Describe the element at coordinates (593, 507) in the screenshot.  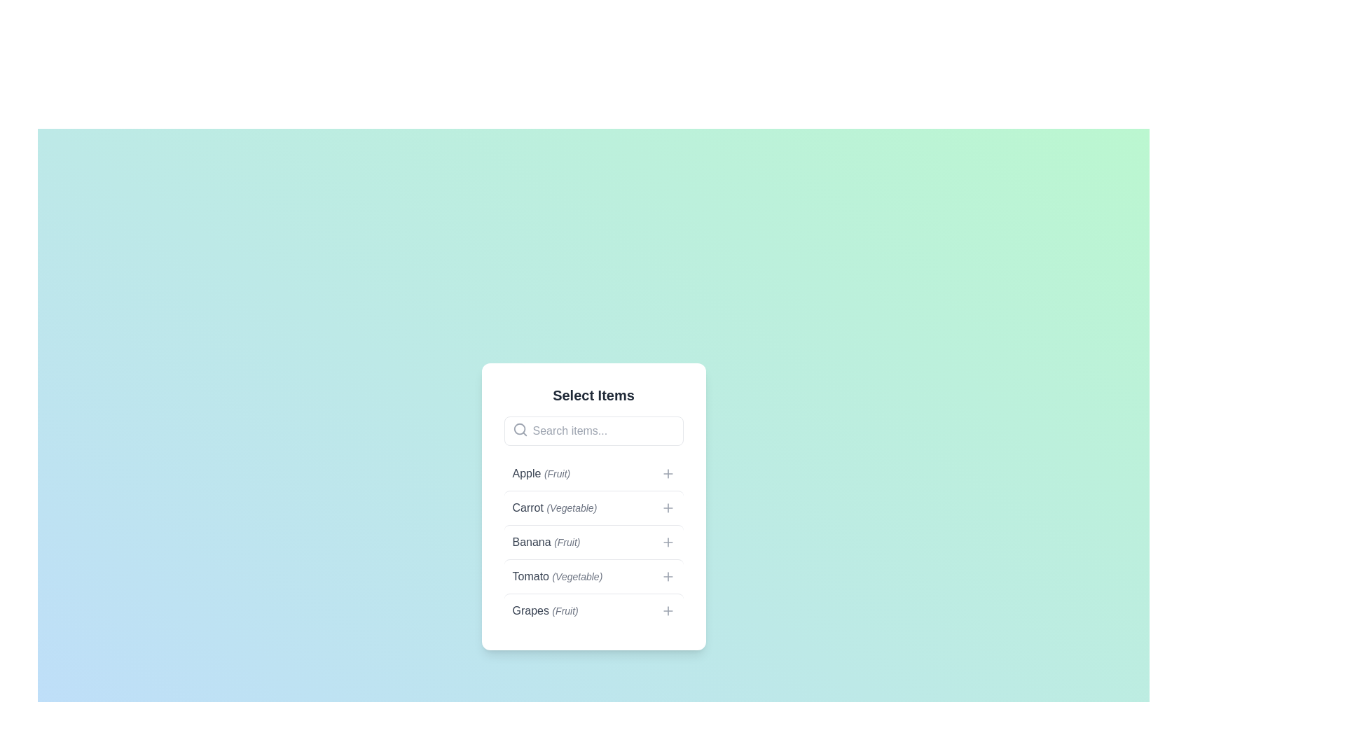
I see `the '+' icon on the list item labeled 'Carrot (Vegetable)'` at that location.